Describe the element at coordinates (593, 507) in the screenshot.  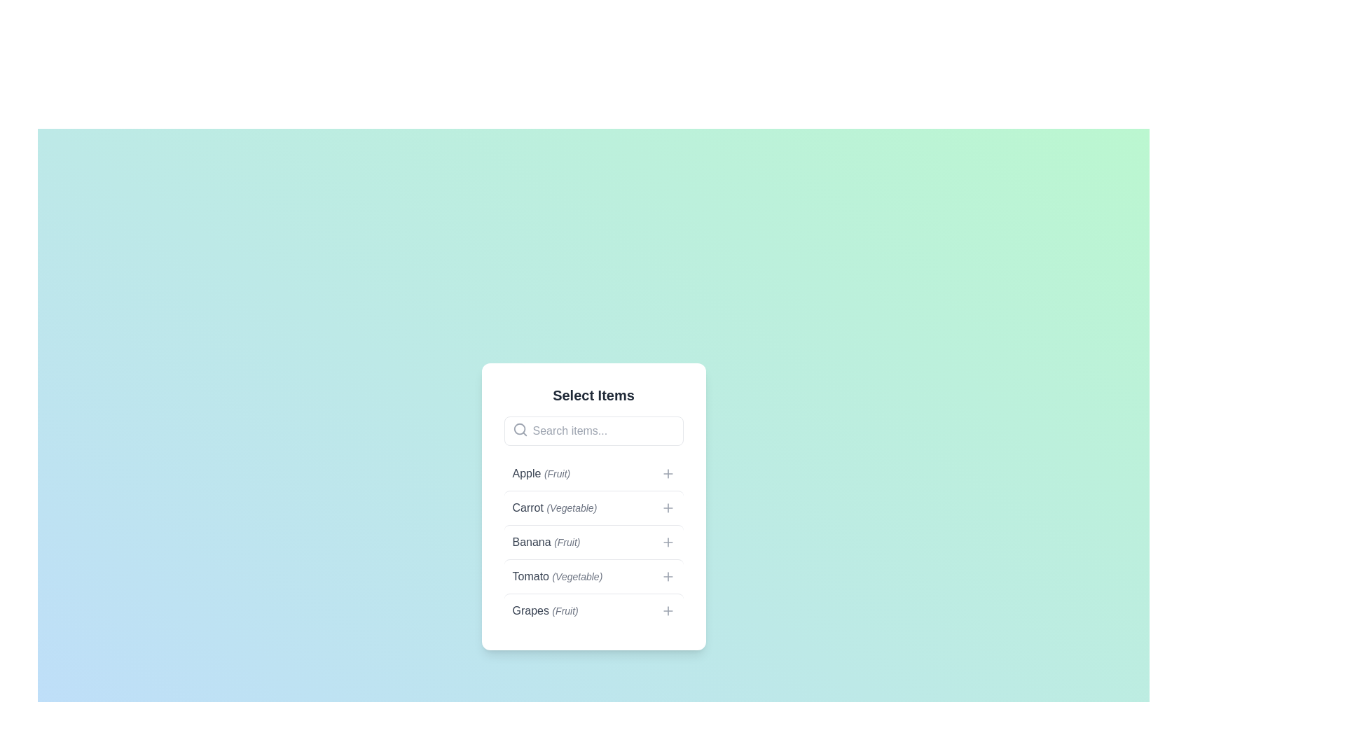
I see `the '+' icon on the list item labeled 'Carrot (Vegetable)'` at that location.